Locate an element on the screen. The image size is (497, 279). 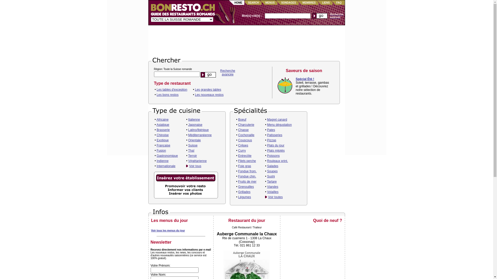
'Fruits de mer' is located at coordinates (247, 181).